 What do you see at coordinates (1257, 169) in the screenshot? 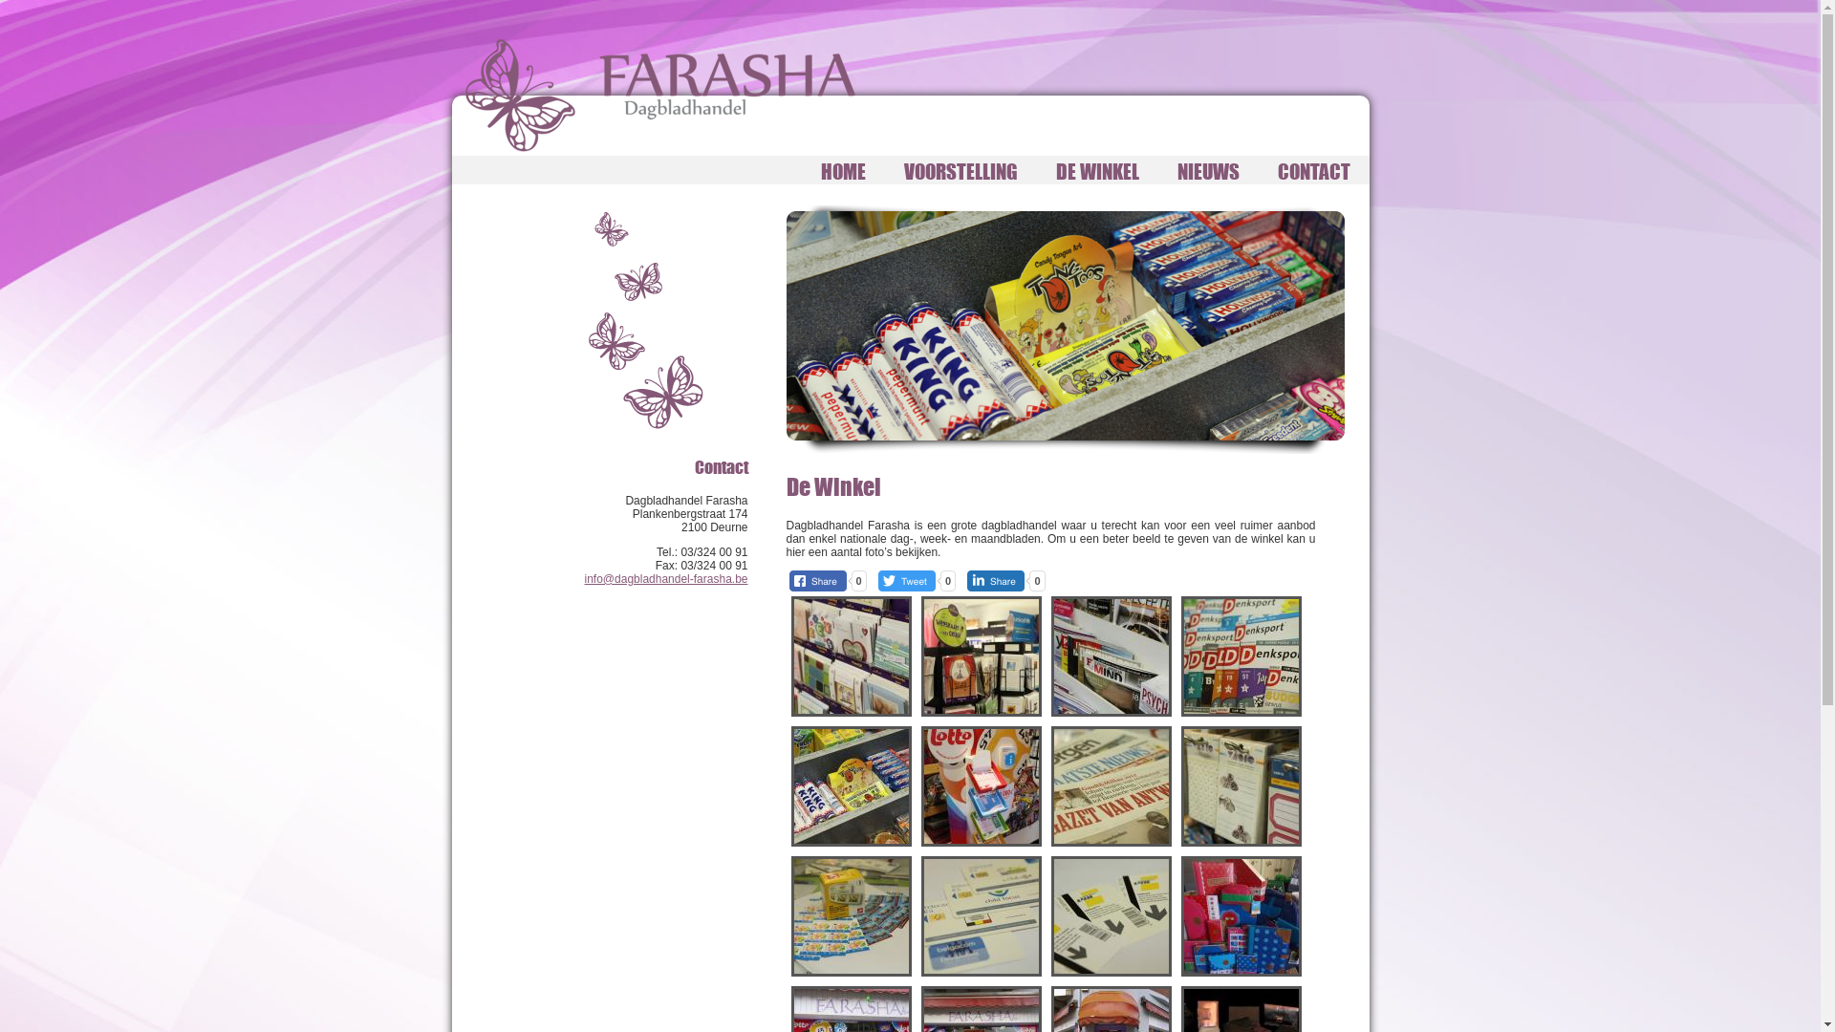
I see `'CONTACT'` at bounding box center [1257, 169].